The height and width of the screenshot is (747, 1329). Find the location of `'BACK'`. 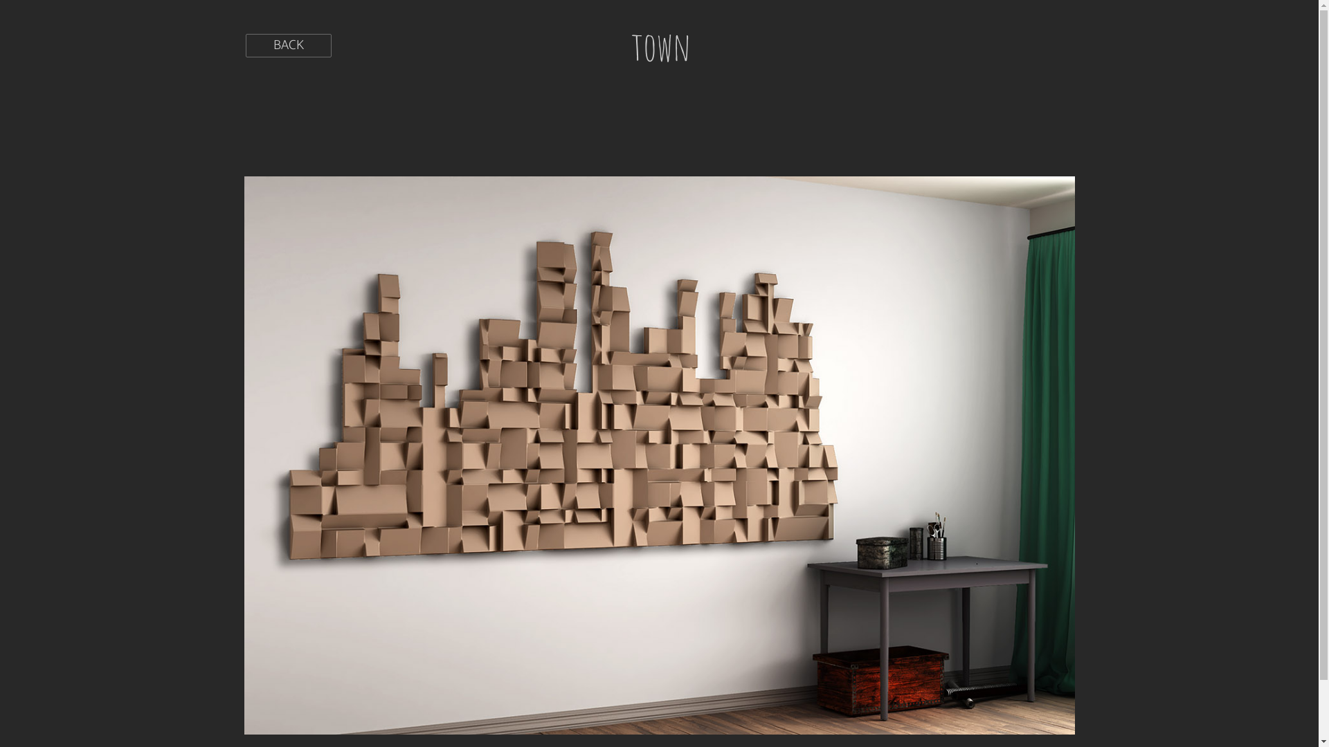

'BACK' is located at coordinates (287, 44).